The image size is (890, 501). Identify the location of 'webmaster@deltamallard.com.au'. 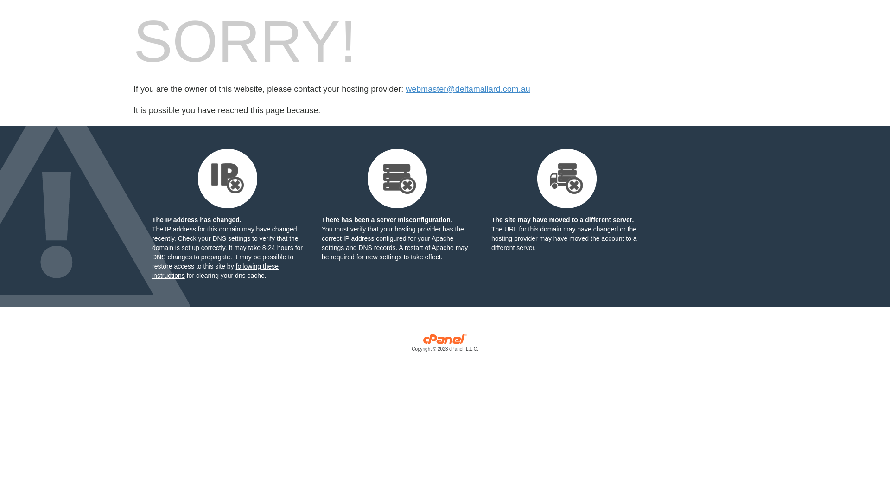
(467, 89).